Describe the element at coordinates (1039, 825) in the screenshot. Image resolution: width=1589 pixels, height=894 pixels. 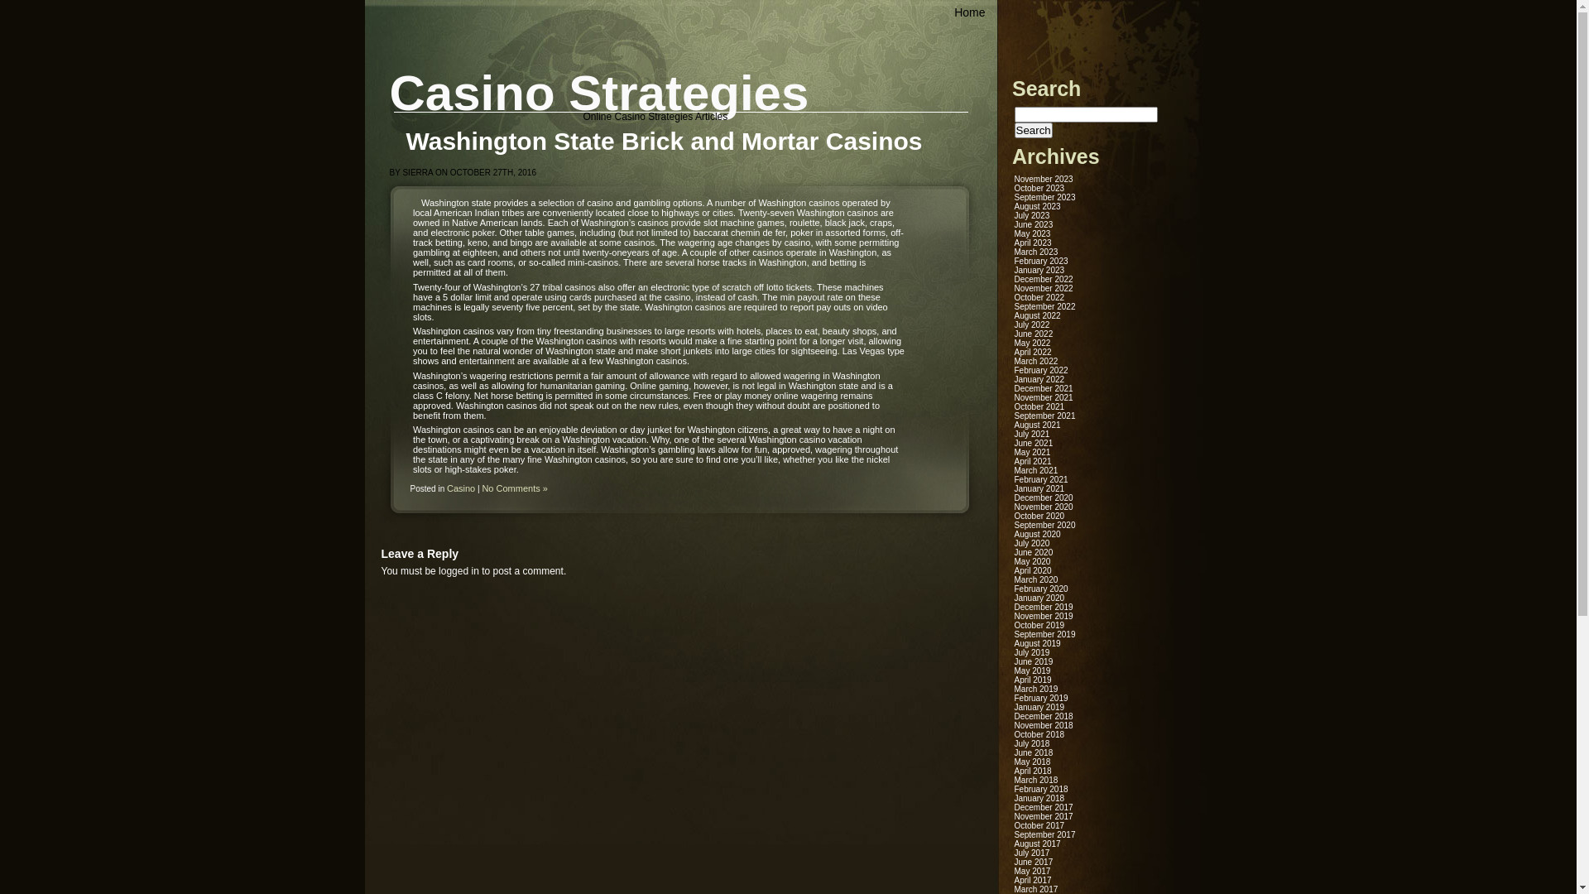
I see `'October 2017'` at that location.